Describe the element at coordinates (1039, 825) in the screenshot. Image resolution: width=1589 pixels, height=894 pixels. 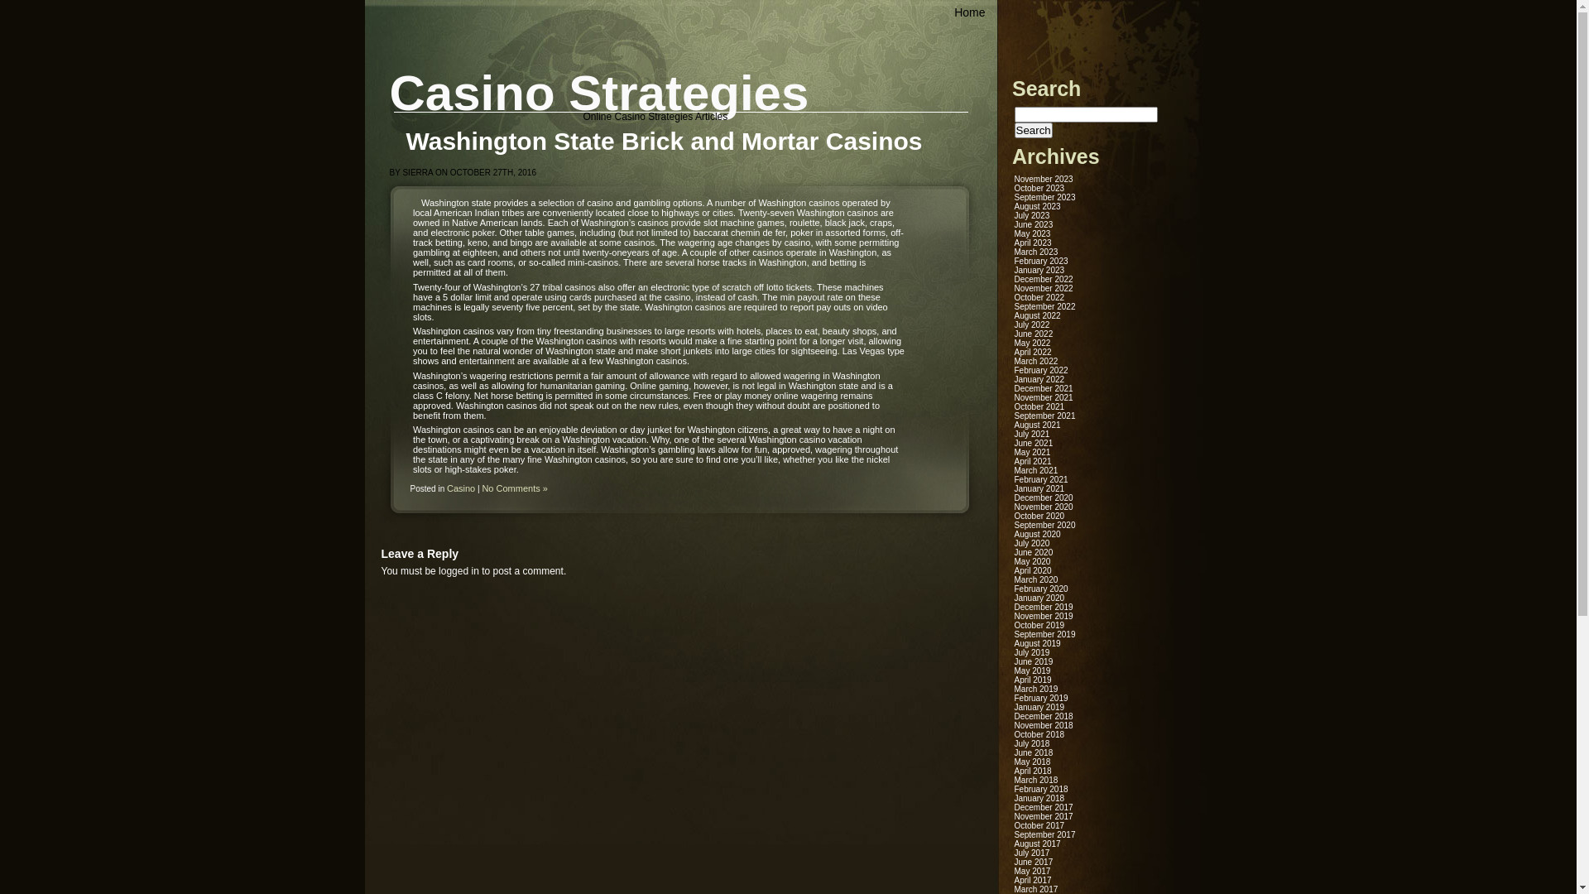
I see `'October 2017'` at that location.